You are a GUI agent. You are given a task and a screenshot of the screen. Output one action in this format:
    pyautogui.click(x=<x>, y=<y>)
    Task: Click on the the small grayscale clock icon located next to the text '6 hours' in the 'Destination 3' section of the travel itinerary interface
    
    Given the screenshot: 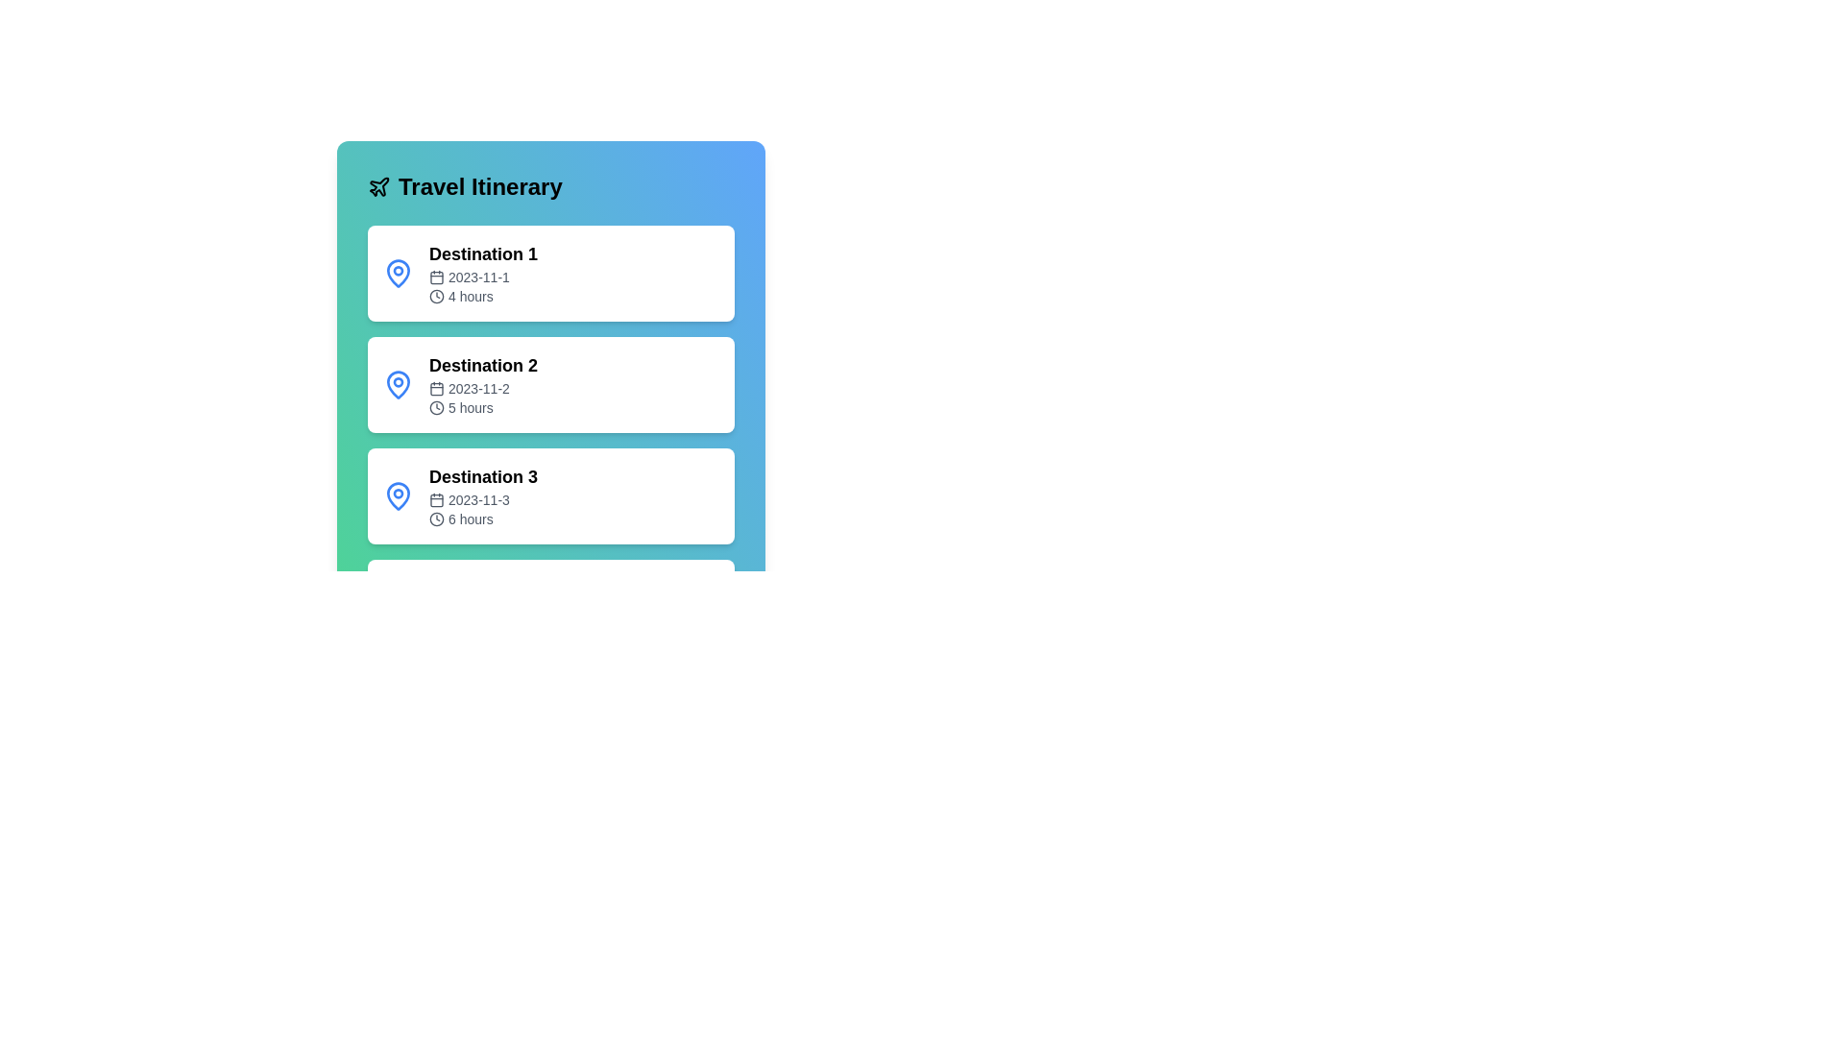 What is the action you would take?
    pyautogui.click(x=436, y=518)
    